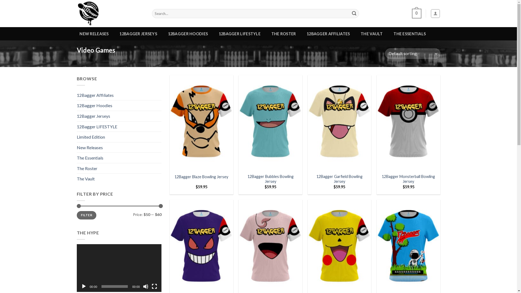 This screenshot has width=521, height=293. What do you see at coordinates (143, 286) in the screenshot?
I see `'Mute'` at bounding box center [143, 286].